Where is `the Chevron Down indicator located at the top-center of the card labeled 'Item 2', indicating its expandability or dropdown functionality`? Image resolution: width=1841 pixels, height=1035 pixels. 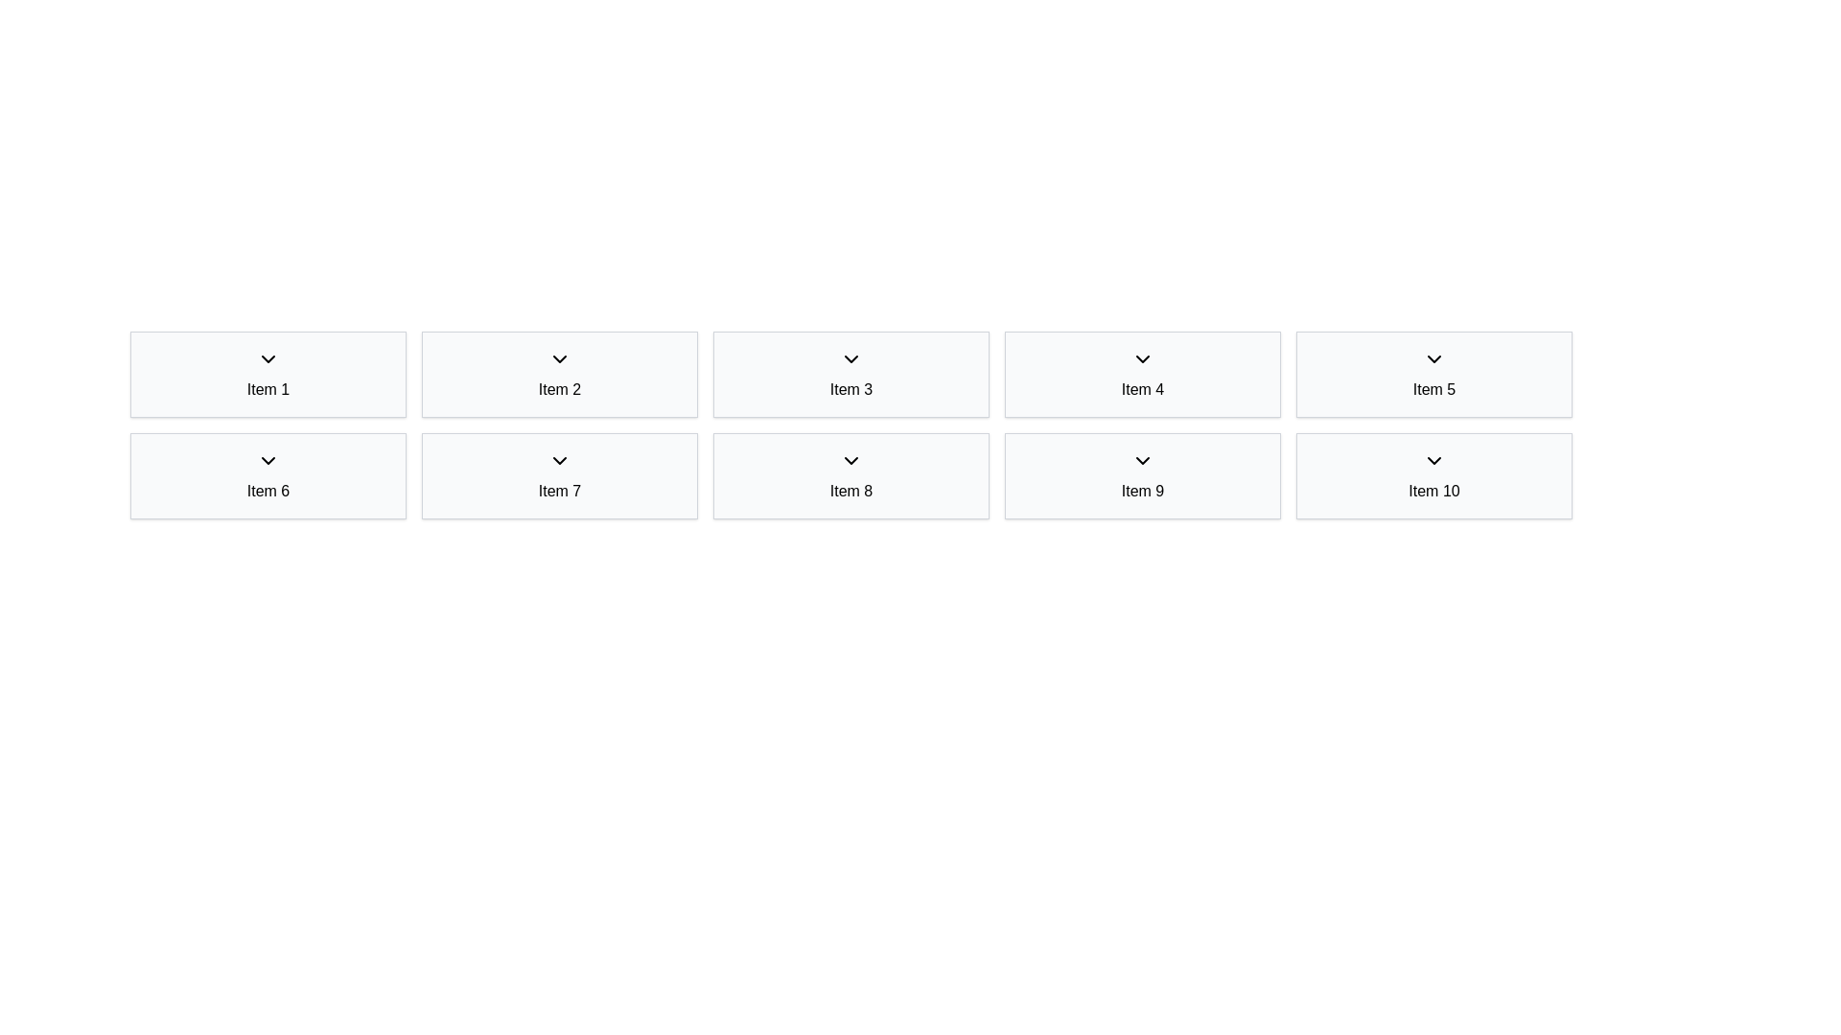
the Chevron Down indicator located at the top-center of the card labeled 'Item 2', indicating its expandability or dropdown functionality is located at coordinates (559, 358).